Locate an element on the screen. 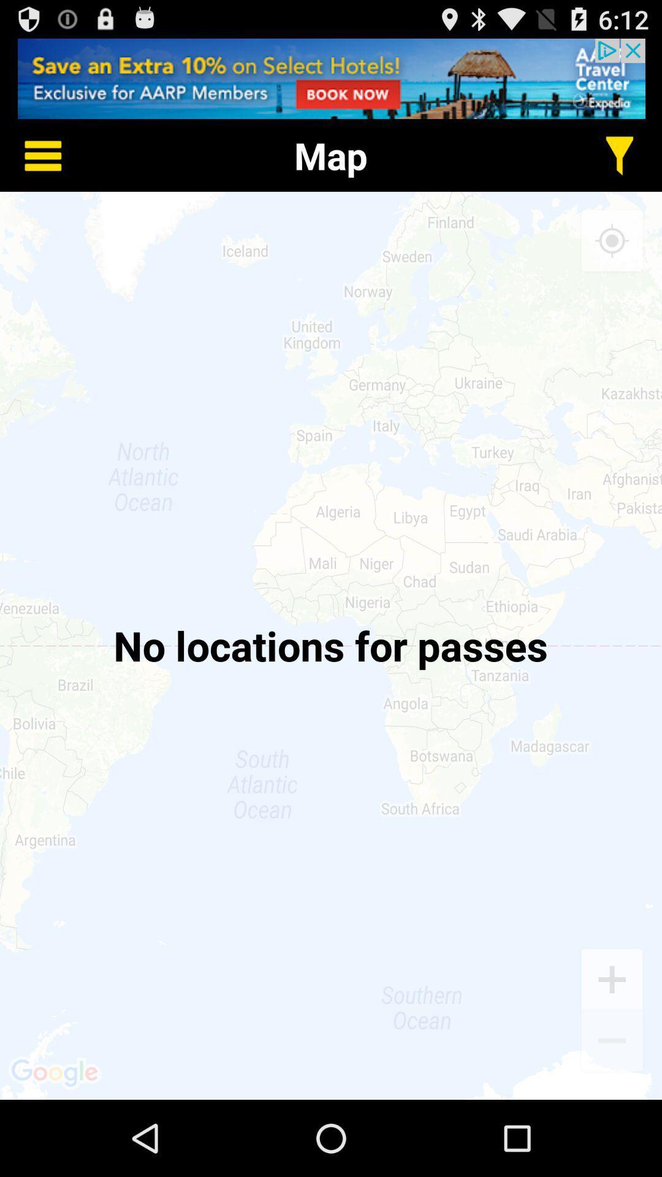 This screenshot has height=1177, width=662. the location_crosshair icon is located at coordinates (612, 257).